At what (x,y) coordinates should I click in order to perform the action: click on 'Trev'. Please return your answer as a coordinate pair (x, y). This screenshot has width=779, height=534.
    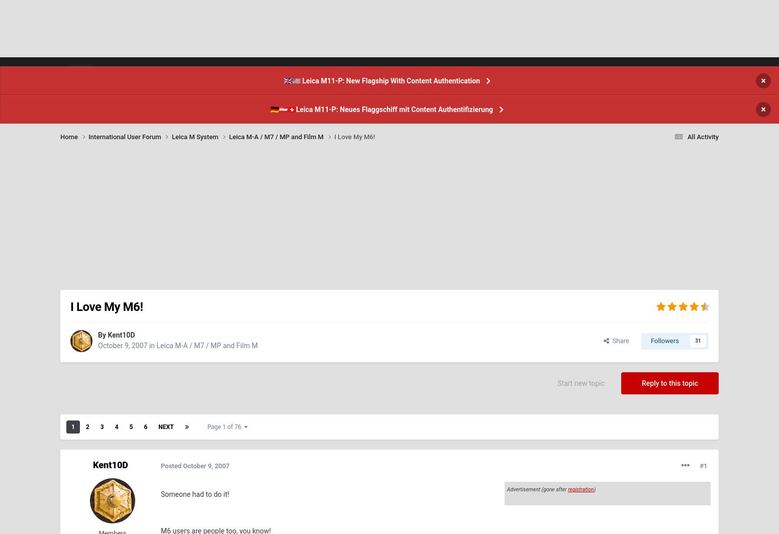
    Looking at the image, I should click on (669, 43).